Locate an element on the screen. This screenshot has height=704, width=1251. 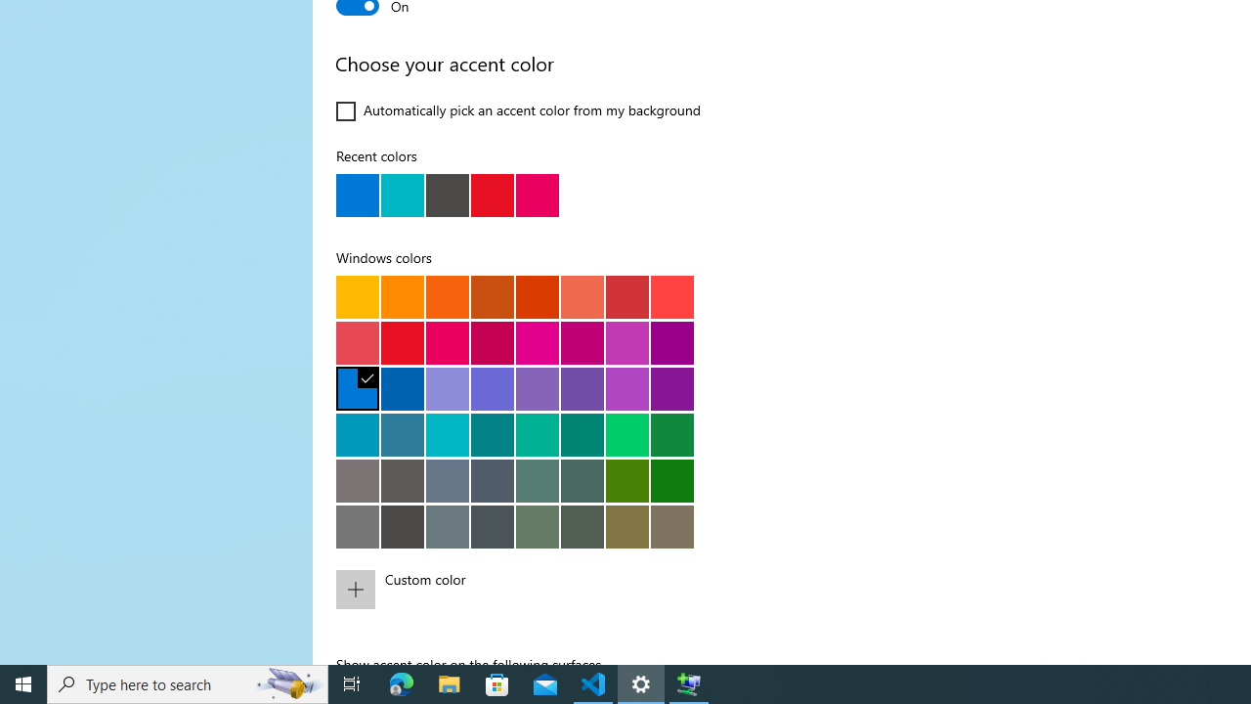
'Iris pastel' is located at coordinates (537, 388).